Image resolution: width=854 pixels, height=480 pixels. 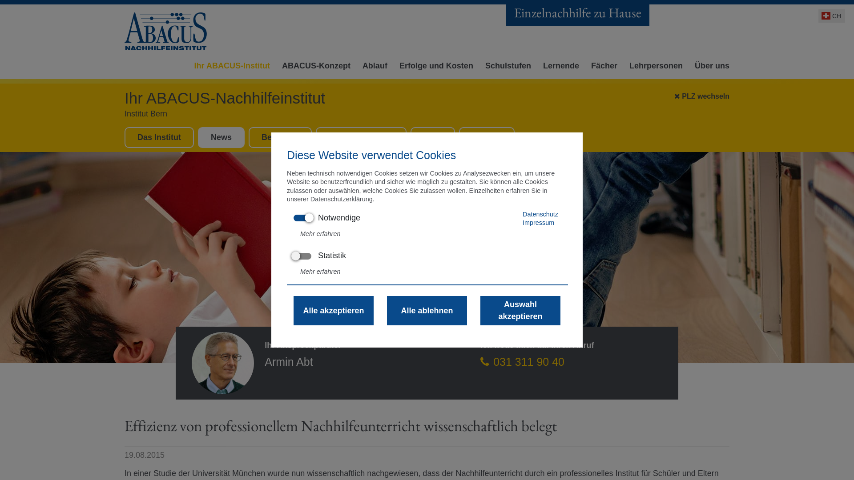 What do you see at coordinates (373, 68) in the screenshot?
I see `'Ablauf'` at bounding box center [373, 68].